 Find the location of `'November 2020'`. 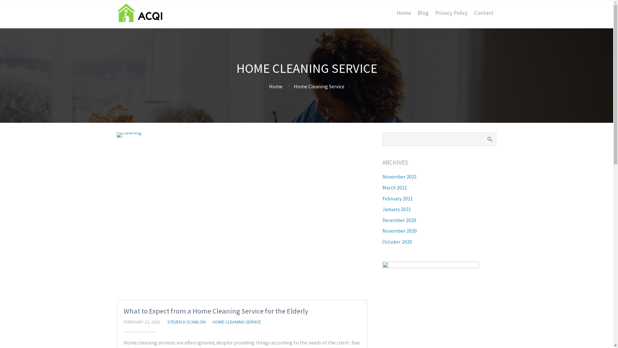

'November 2020' is located at coordinates (399, 230).